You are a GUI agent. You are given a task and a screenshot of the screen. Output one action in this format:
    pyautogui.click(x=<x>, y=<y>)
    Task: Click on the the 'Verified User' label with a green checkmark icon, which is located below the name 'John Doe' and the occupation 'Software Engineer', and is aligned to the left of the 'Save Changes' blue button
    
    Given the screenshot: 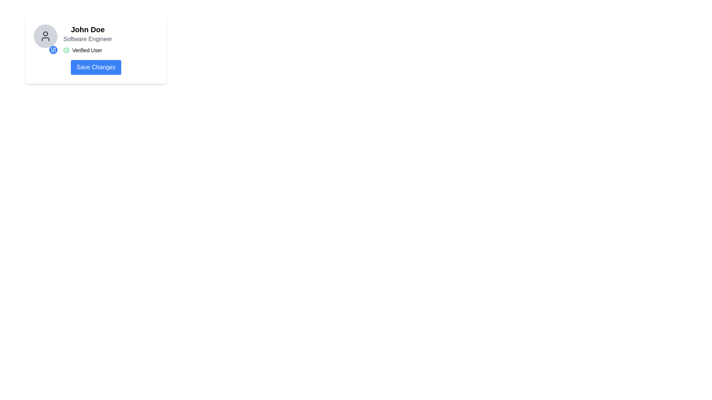 What is the action you would take?
    pyautogui.click(x=88, y=50)
    